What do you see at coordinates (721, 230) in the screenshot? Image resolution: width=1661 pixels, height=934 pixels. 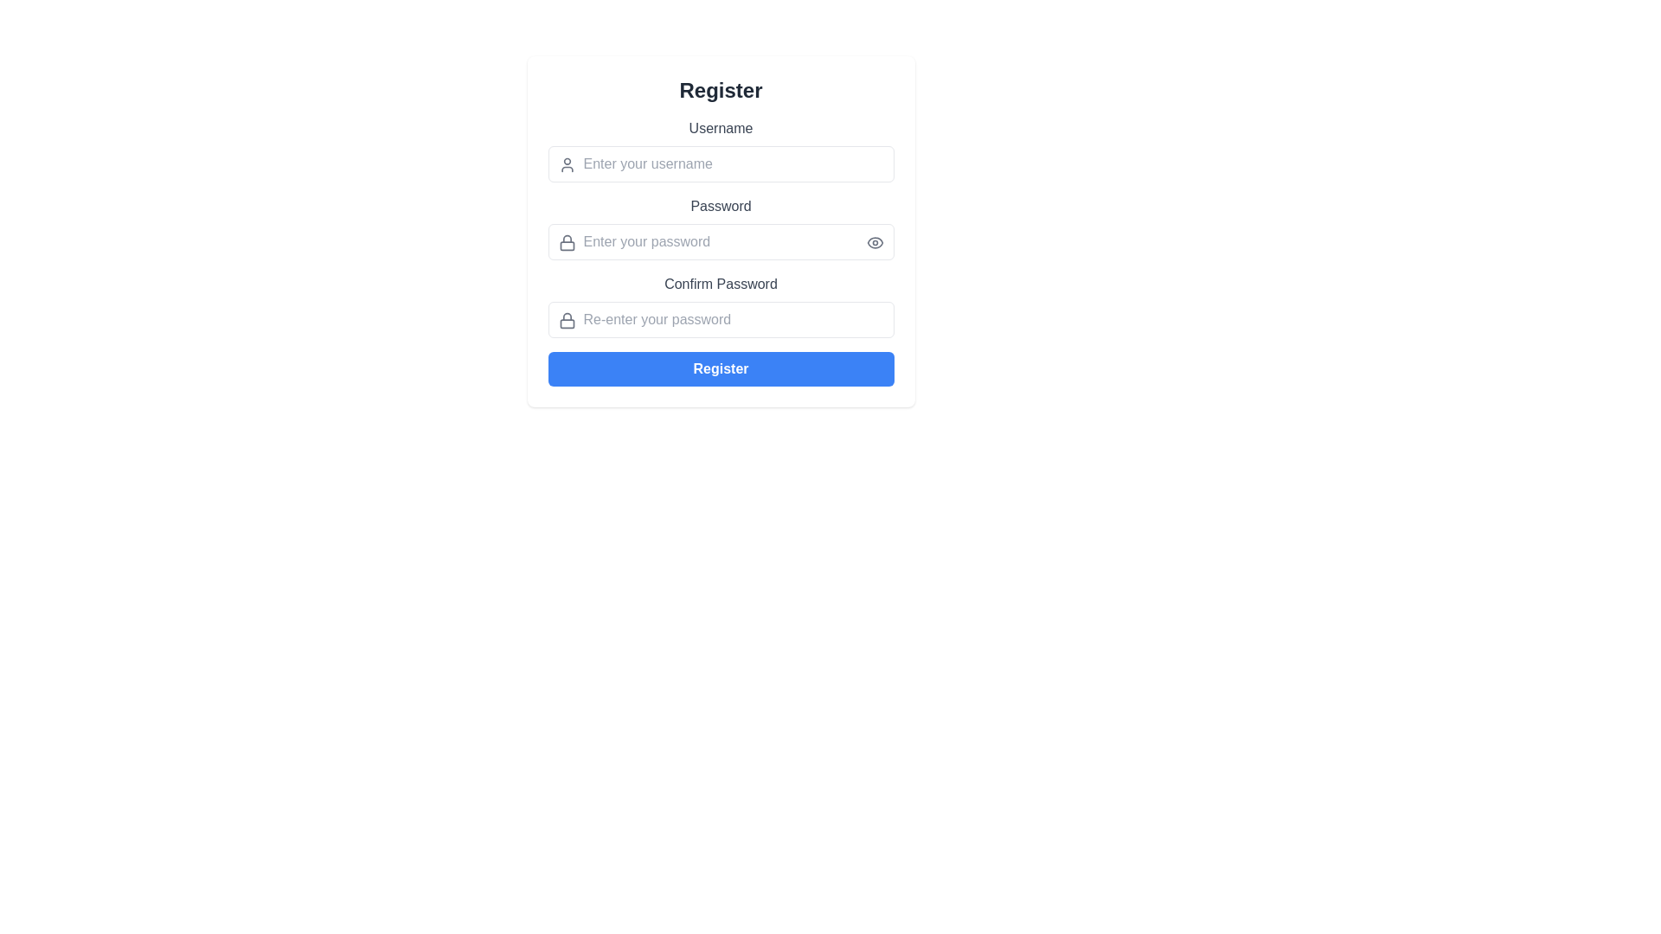 I see `the Password input field located between the 'Username' and 'Confirm Password' fields` at bounding box center [721, 230].